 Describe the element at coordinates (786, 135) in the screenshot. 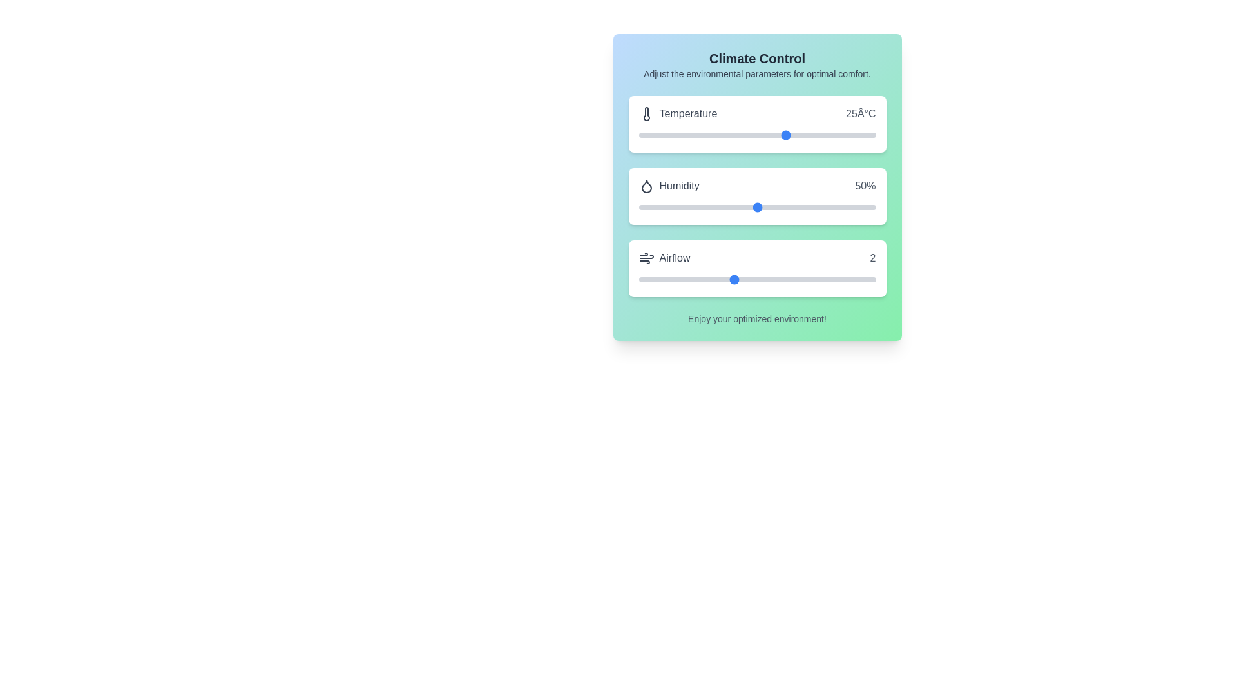

I see `the temperature slider to 25°C` at that location.